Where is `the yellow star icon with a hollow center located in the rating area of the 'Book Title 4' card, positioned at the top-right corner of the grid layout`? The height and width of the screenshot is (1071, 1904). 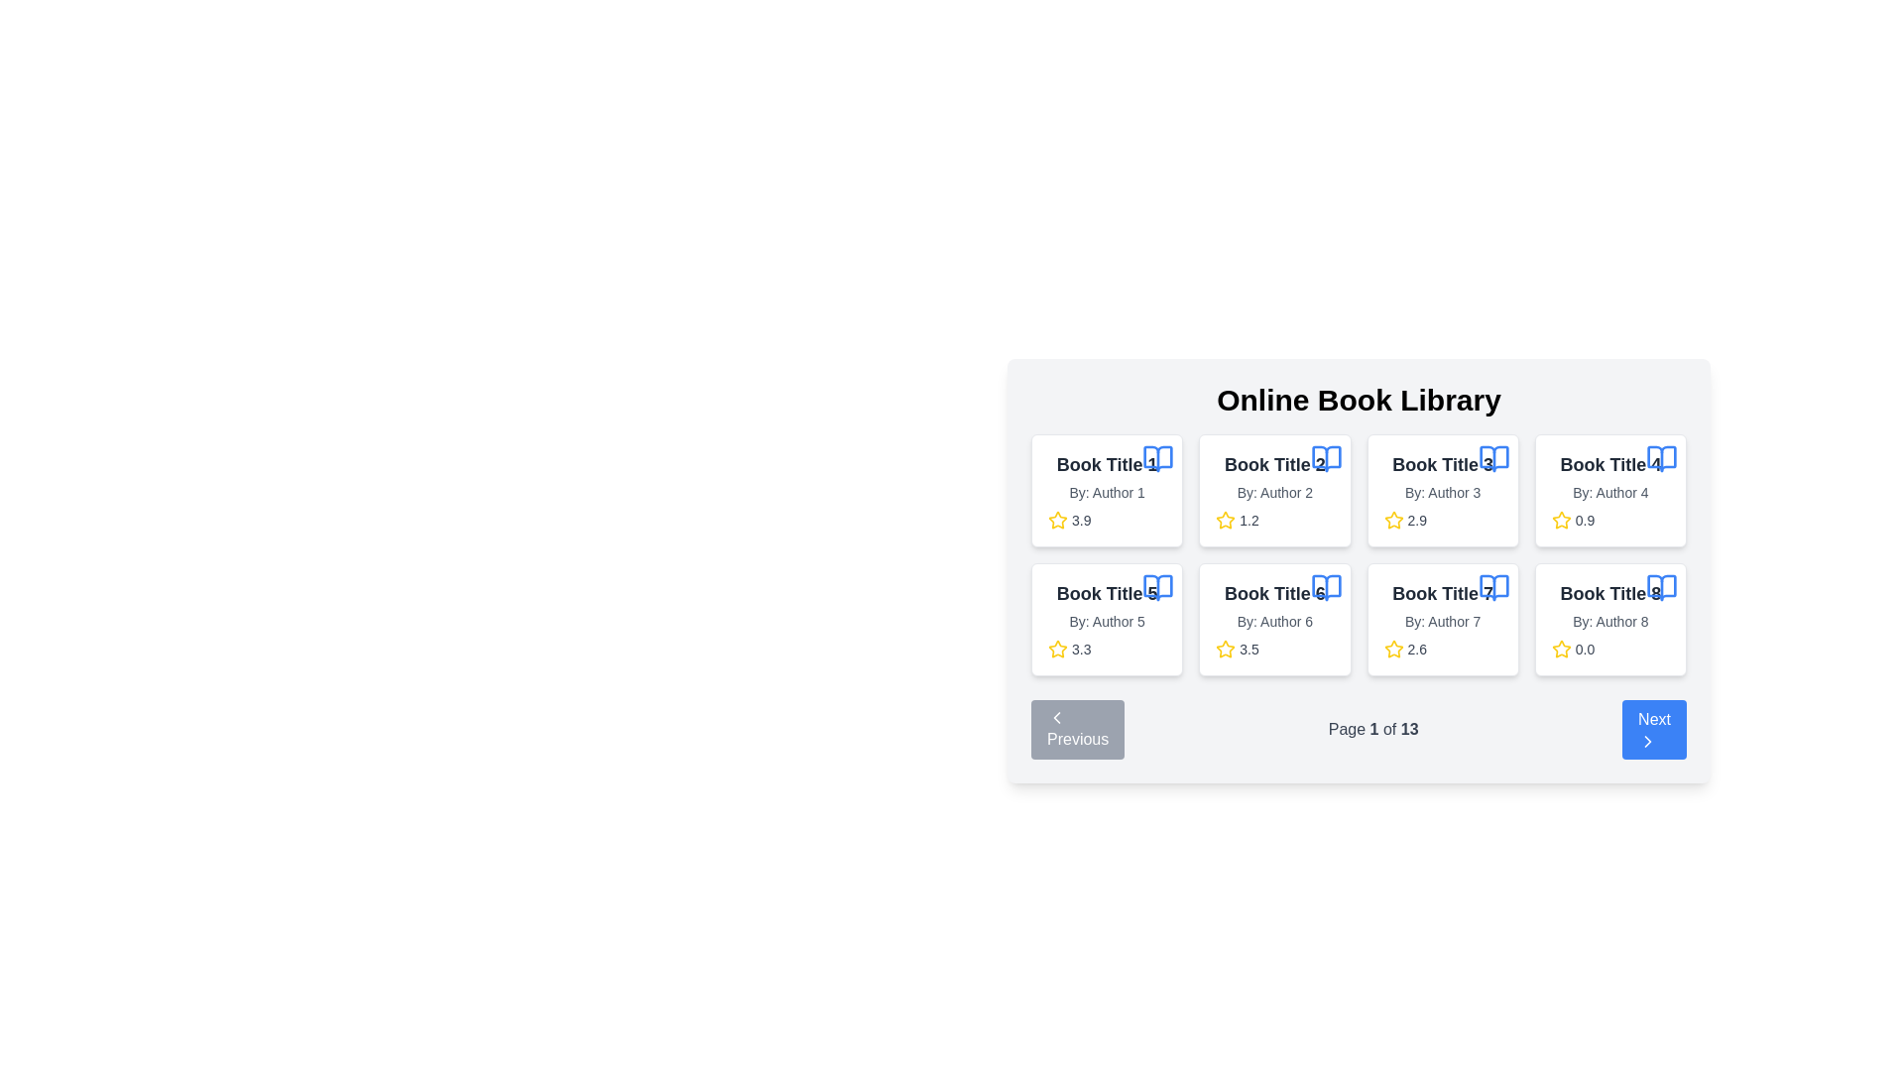 the yellow star icon with a hollow center located in the rating area of the 'Book Title 4' card, positioned at the top-right corner of the grid layout is located at coordinates (1560, 519).